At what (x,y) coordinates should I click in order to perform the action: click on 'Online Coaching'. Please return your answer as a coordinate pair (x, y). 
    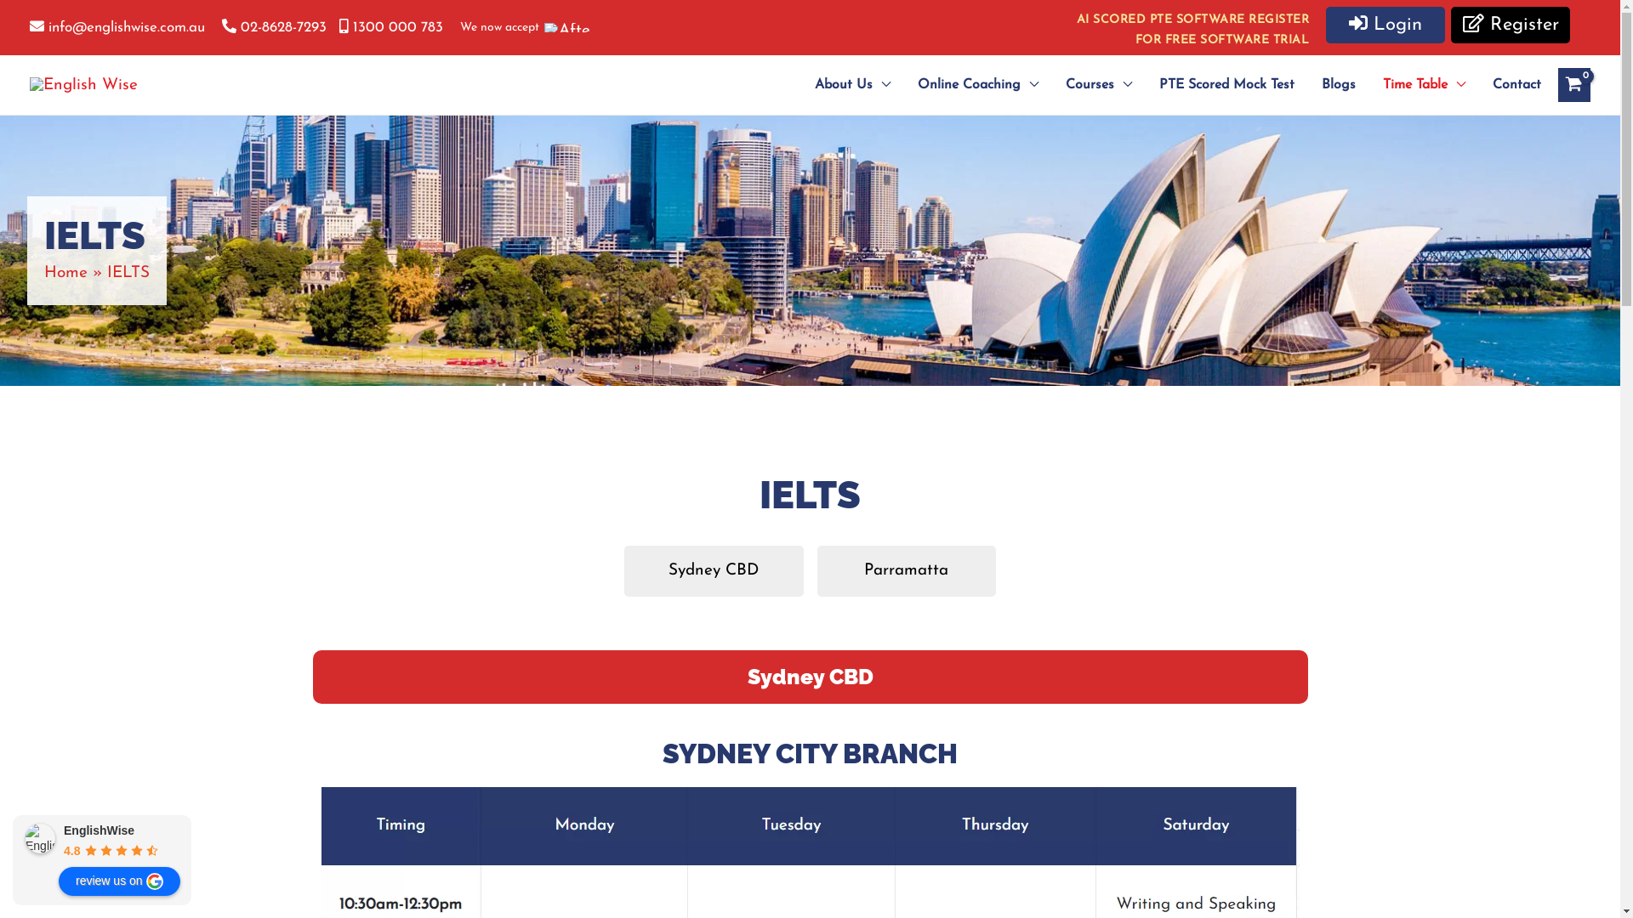
    Looking at the image, I should click on (978, 85).